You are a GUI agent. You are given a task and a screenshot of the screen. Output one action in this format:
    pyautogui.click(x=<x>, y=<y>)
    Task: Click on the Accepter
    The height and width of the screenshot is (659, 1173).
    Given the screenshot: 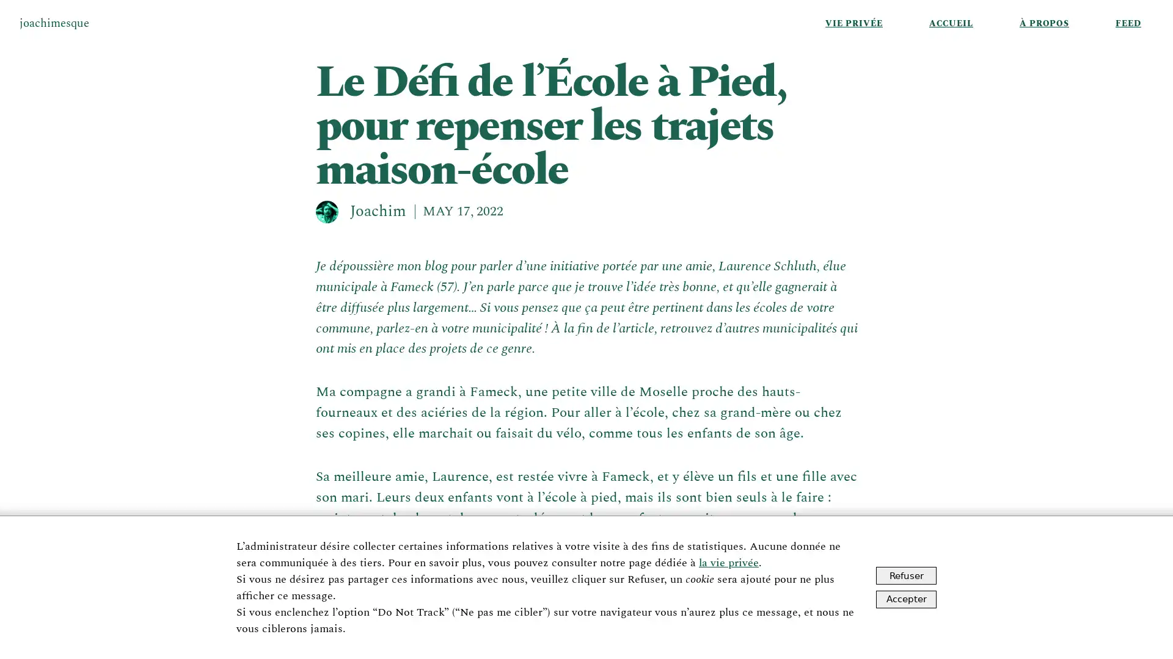 What is the action you would take?
    pyautogui.click(x=906, y=598)
    